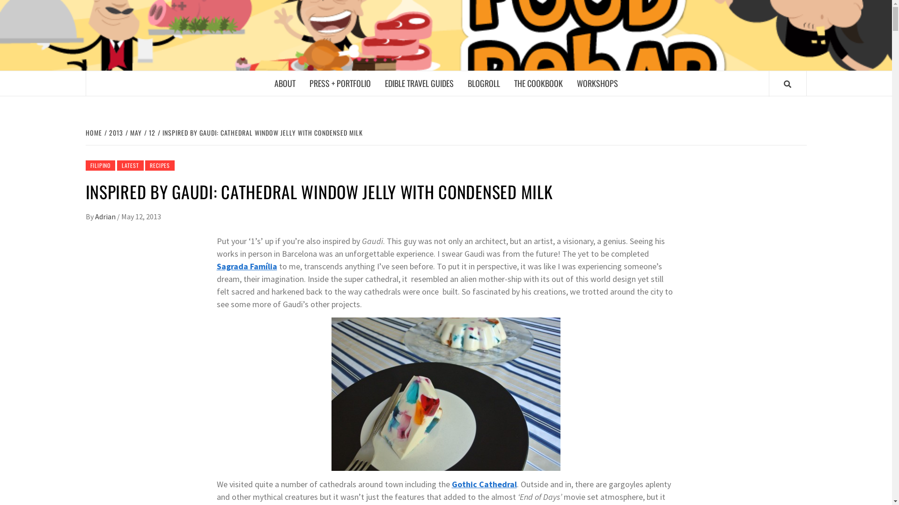  Describe the element at coordinates (418, 83) in the screenshot. I see `'EDIBLE TRAVEL GUIDES'` at that location.